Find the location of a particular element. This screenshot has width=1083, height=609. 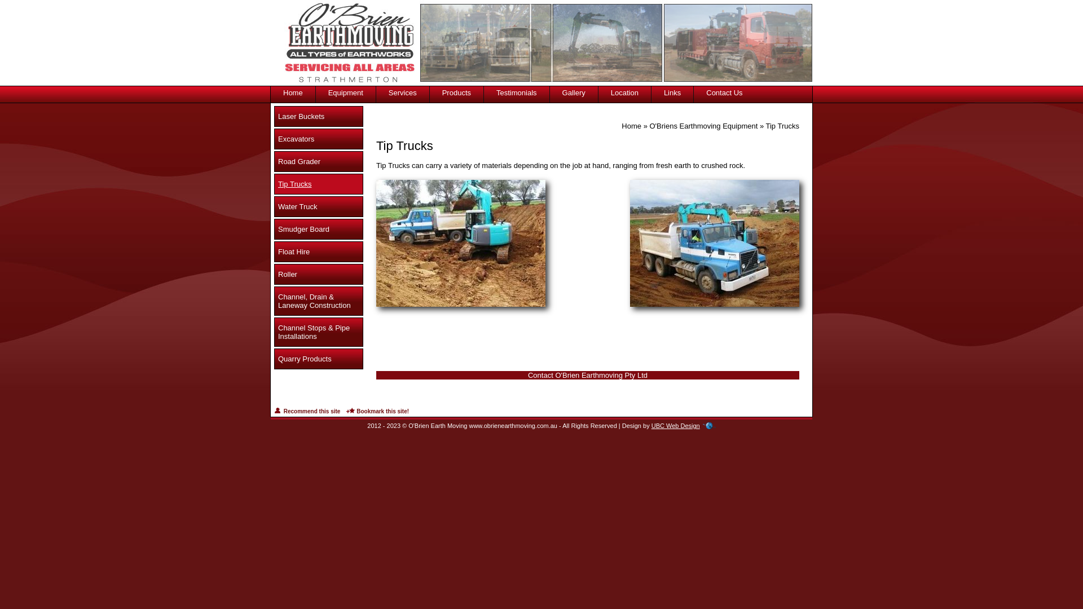

'Home' is located at coordinates (293, 87).